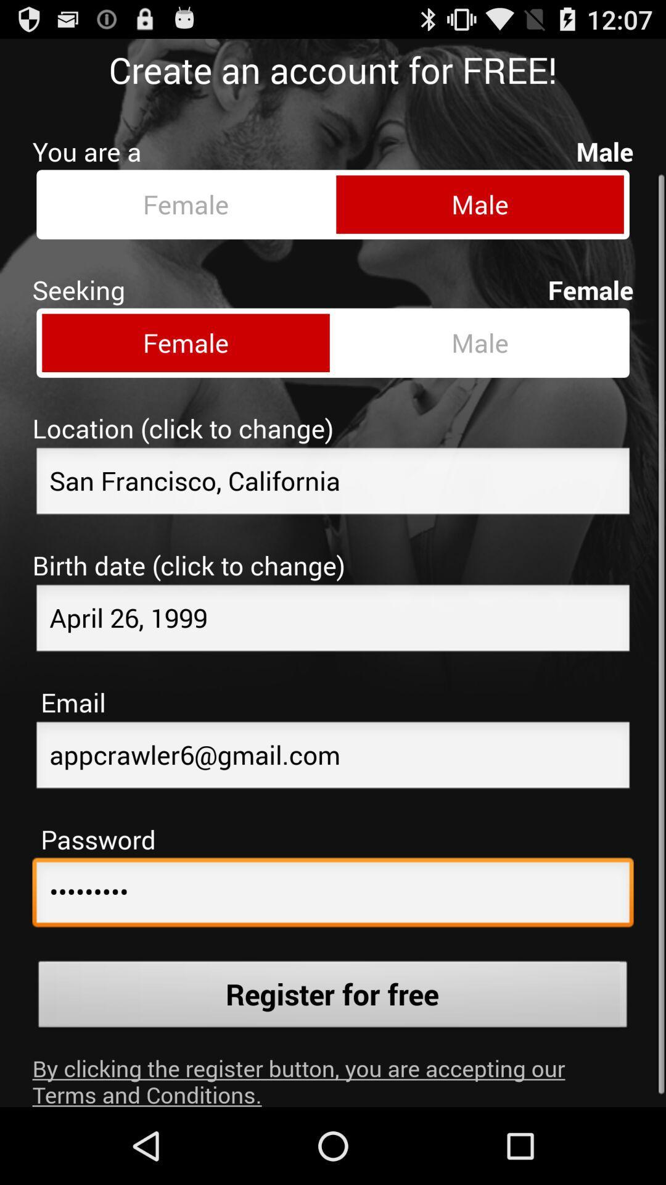  I want to click on to place the birth date, so click(333, 610).